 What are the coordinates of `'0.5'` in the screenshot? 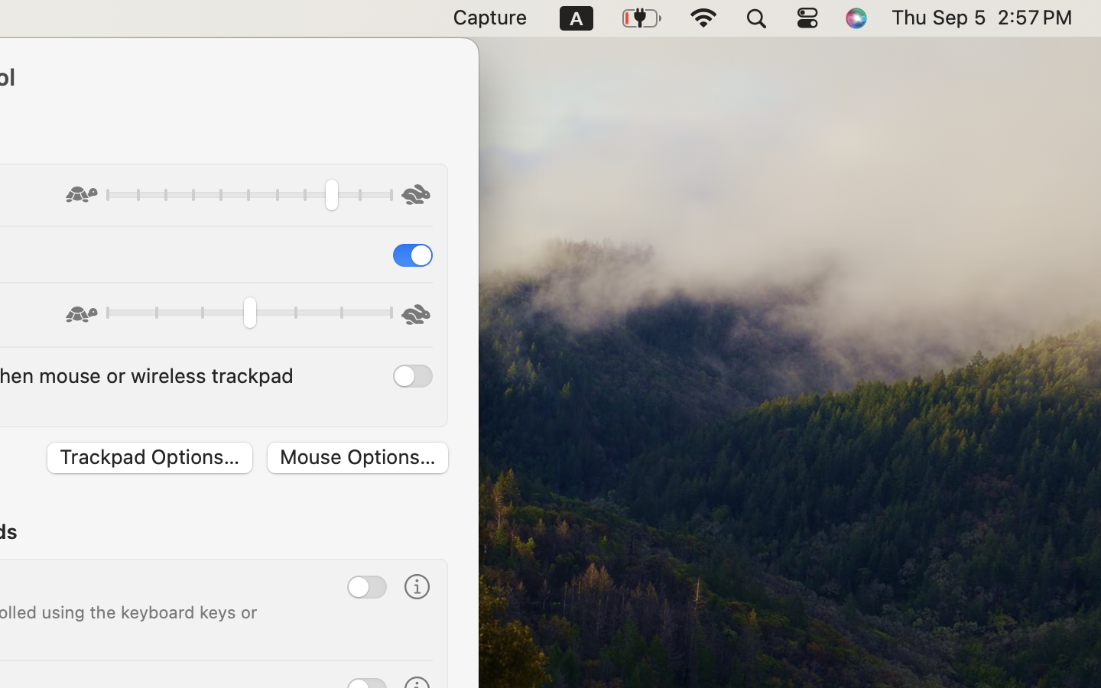 It's located at (248, 315).